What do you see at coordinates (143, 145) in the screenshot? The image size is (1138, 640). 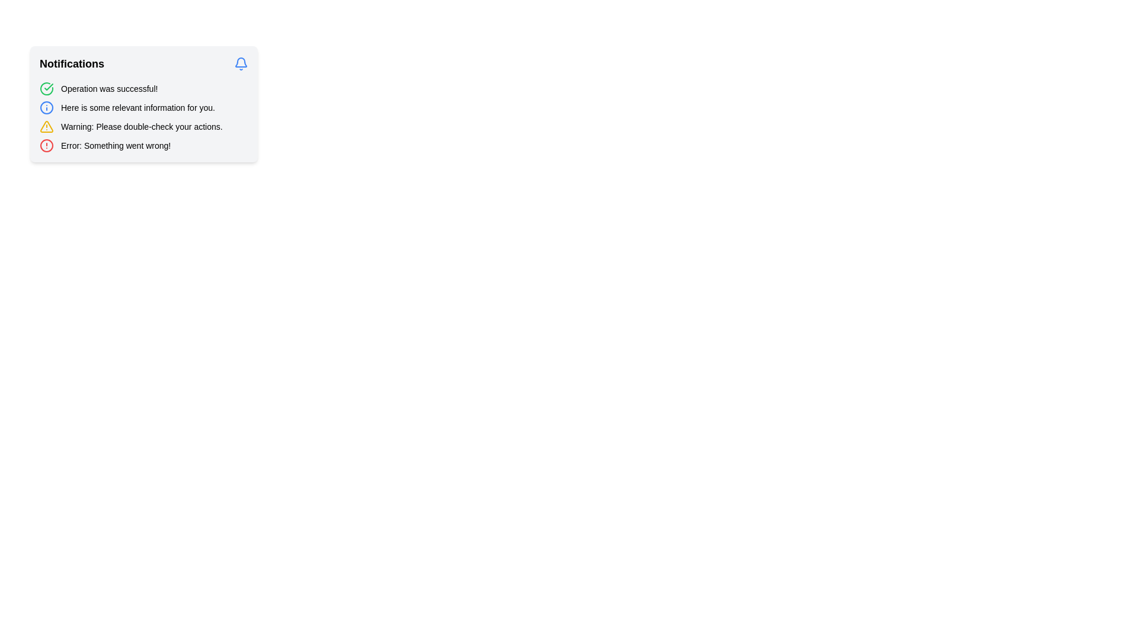 I see `the fourth notification alert in the vertically stacked list, which has a red-colored icon and bold text indicating an error` at bounding box center [143, 145].